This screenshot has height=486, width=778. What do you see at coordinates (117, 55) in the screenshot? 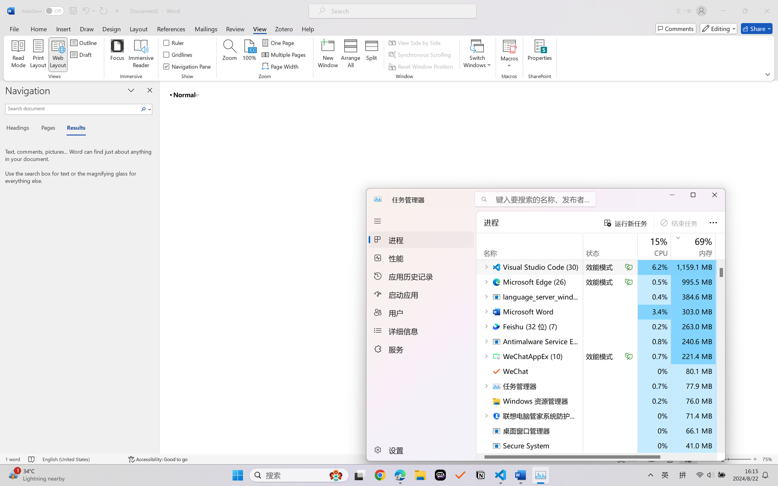
I see `'Focus'` at bounding box center [117, 55].